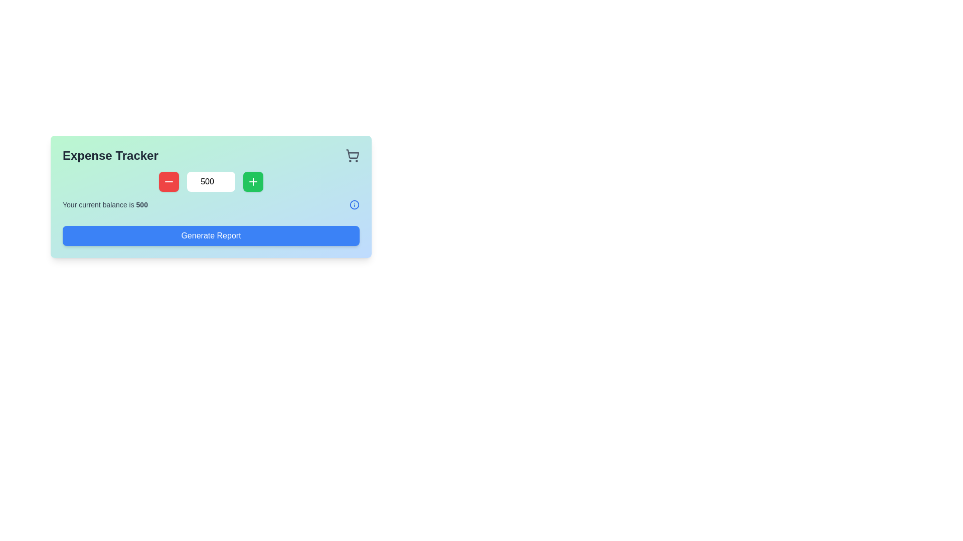 The height and width of the screenshot is (541, 963). What do you see at coordinates (253, 181) in the screenshot?
I see `the increment button with a plus symbol located in the center-right portion of the interface, adjacent to the numeric input field` at bounding box center [253, 181].